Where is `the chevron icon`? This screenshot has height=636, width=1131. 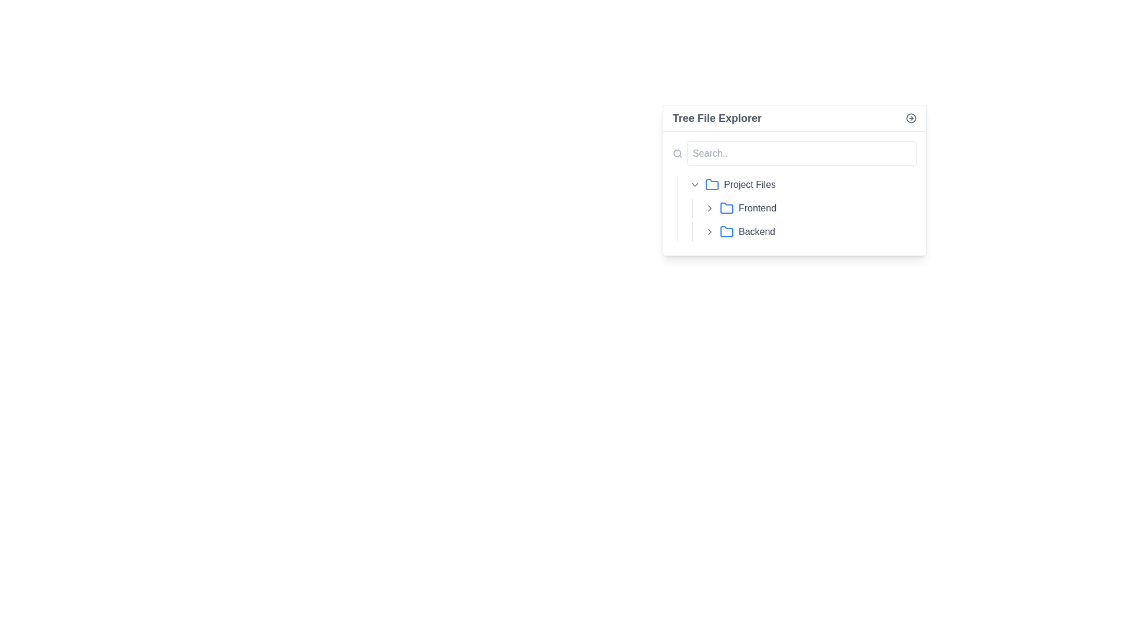
the chevron icon is located at coordinates (709, 208).